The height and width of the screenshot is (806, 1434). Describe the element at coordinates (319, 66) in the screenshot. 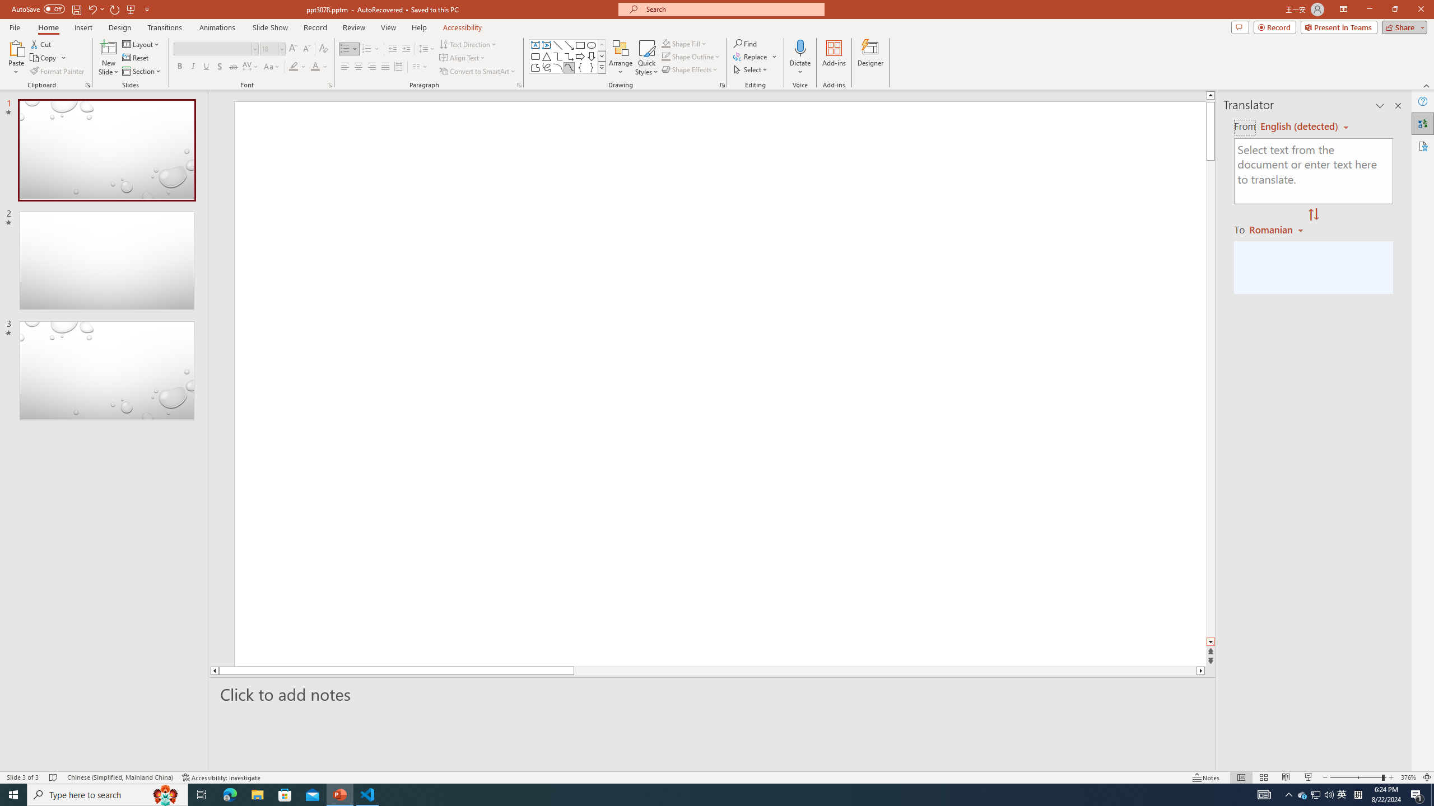

I see `'Font Color'` at that location.